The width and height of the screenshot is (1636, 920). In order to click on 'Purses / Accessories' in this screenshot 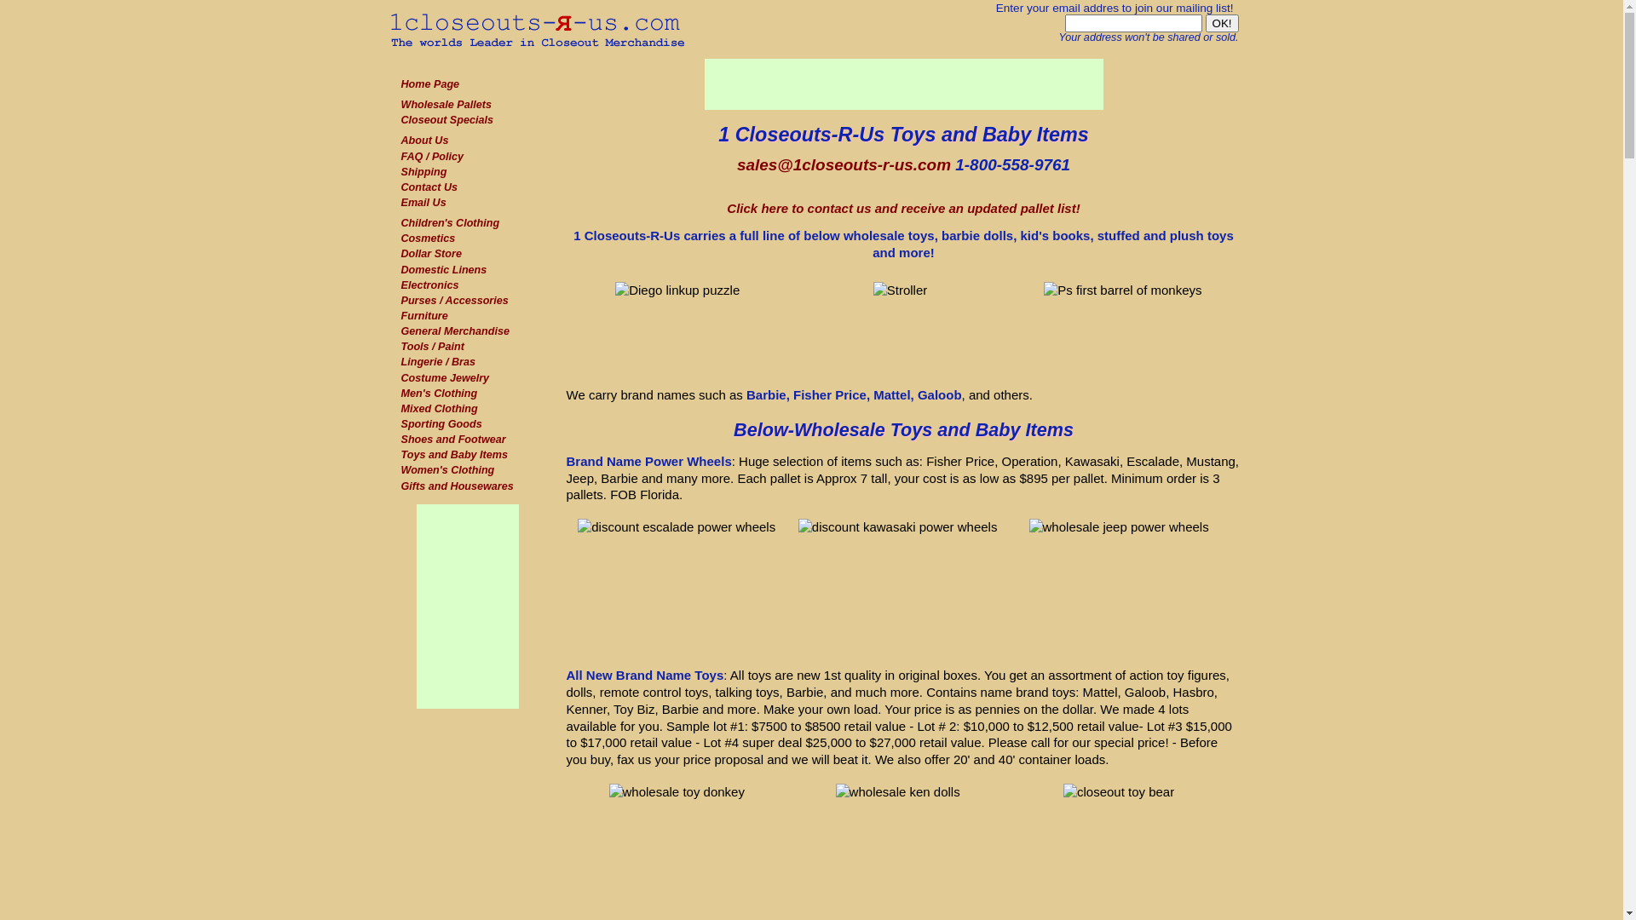, I will do `click(453, 300)`.